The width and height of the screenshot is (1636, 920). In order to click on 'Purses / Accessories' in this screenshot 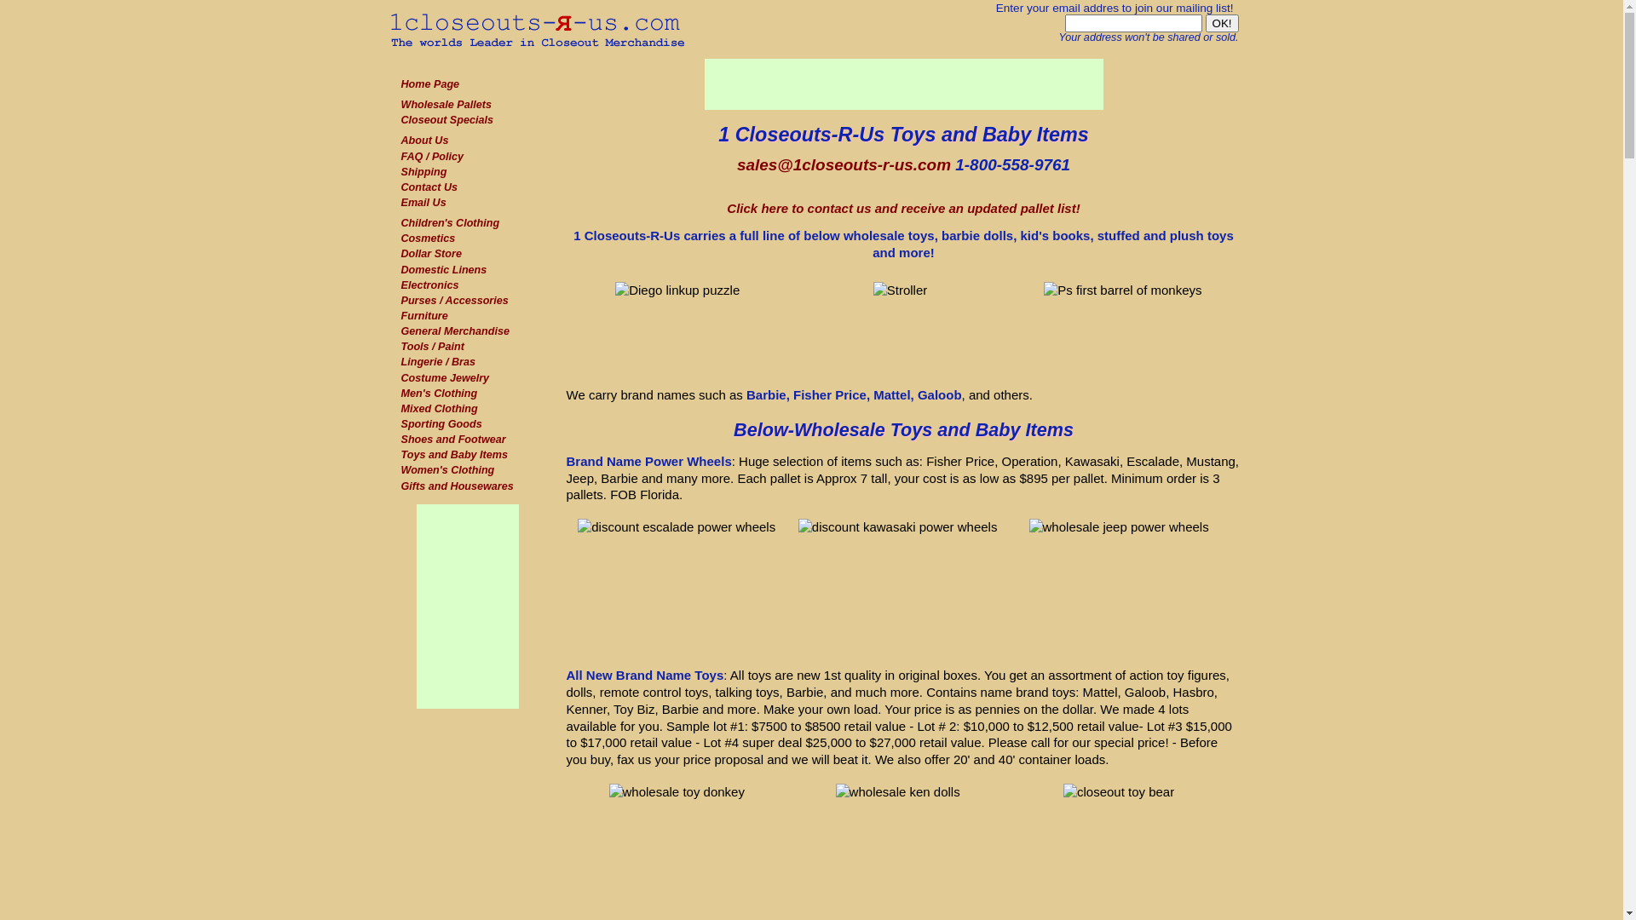, I will do `click(453, 300)`.